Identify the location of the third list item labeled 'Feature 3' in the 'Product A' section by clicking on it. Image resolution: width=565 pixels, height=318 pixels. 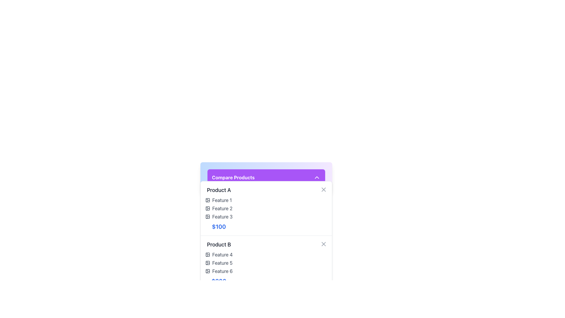
(219, 217).